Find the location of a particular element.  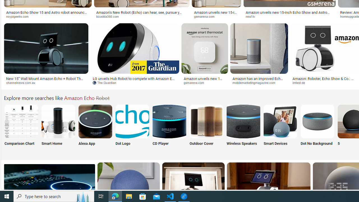

'channelnews.com.au' is located at coordinates (46, 83).